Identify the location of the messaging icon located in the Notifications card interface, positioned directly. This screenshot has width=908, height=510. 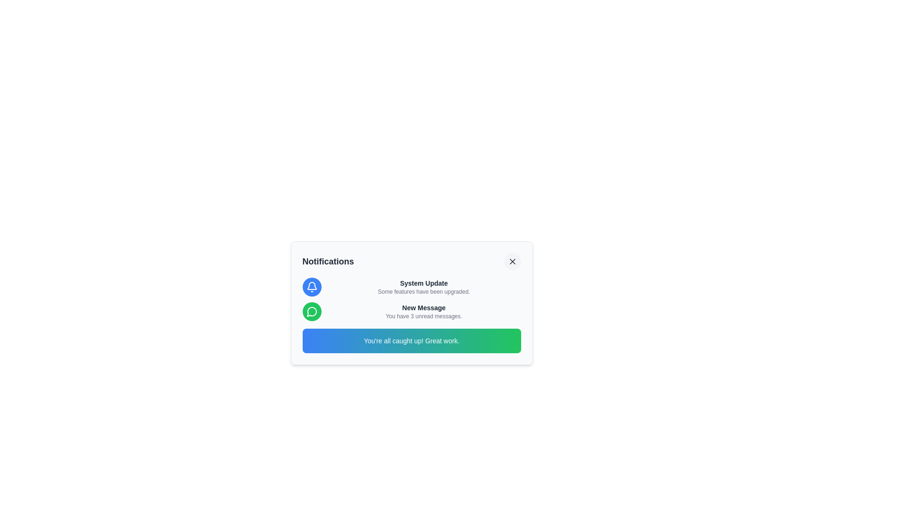
(312, 311).